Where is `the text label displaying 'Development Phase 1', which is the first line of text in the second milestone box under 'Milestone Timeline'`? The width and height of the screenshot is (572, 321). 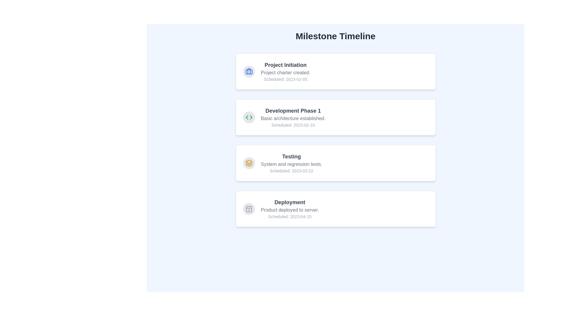 the text label displaying 'Development Phase 1', which is the first line of text in the second milestone box under 'Milestone Timeline' is located at coordinates (293, 111).